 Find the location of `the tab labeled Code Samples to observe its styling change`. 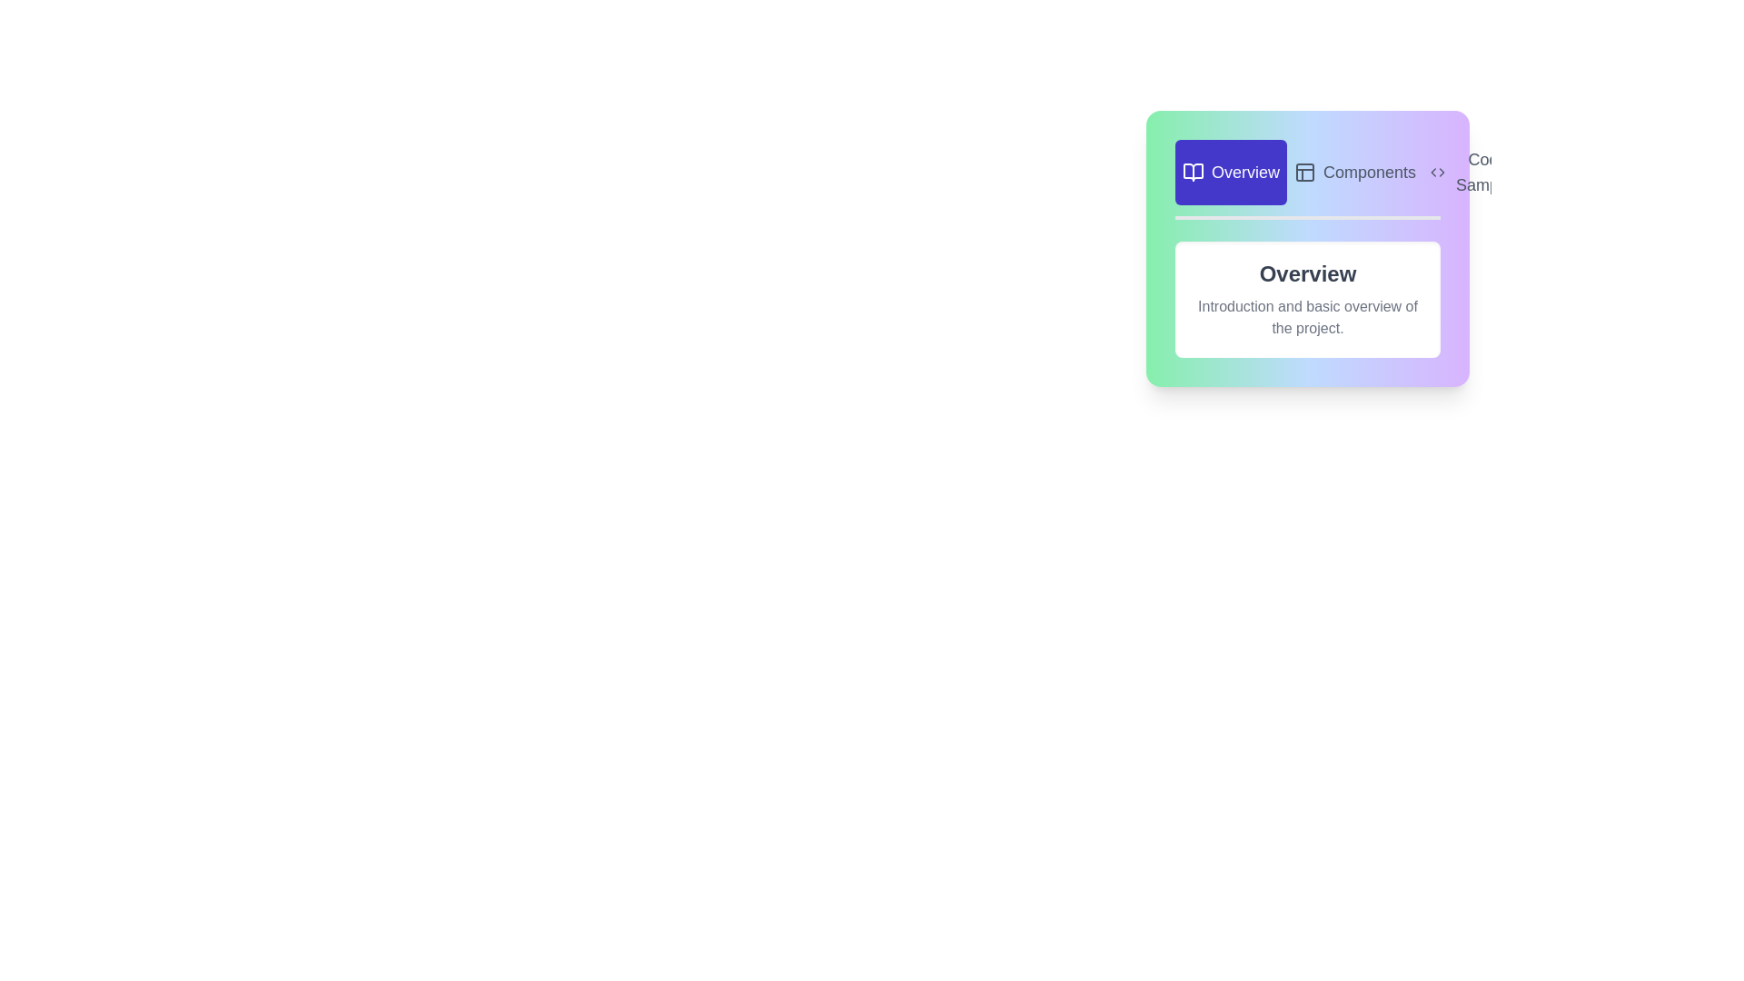

the tab labeled Code Samples to observe its styling change is located at coordinates (1477, 172).